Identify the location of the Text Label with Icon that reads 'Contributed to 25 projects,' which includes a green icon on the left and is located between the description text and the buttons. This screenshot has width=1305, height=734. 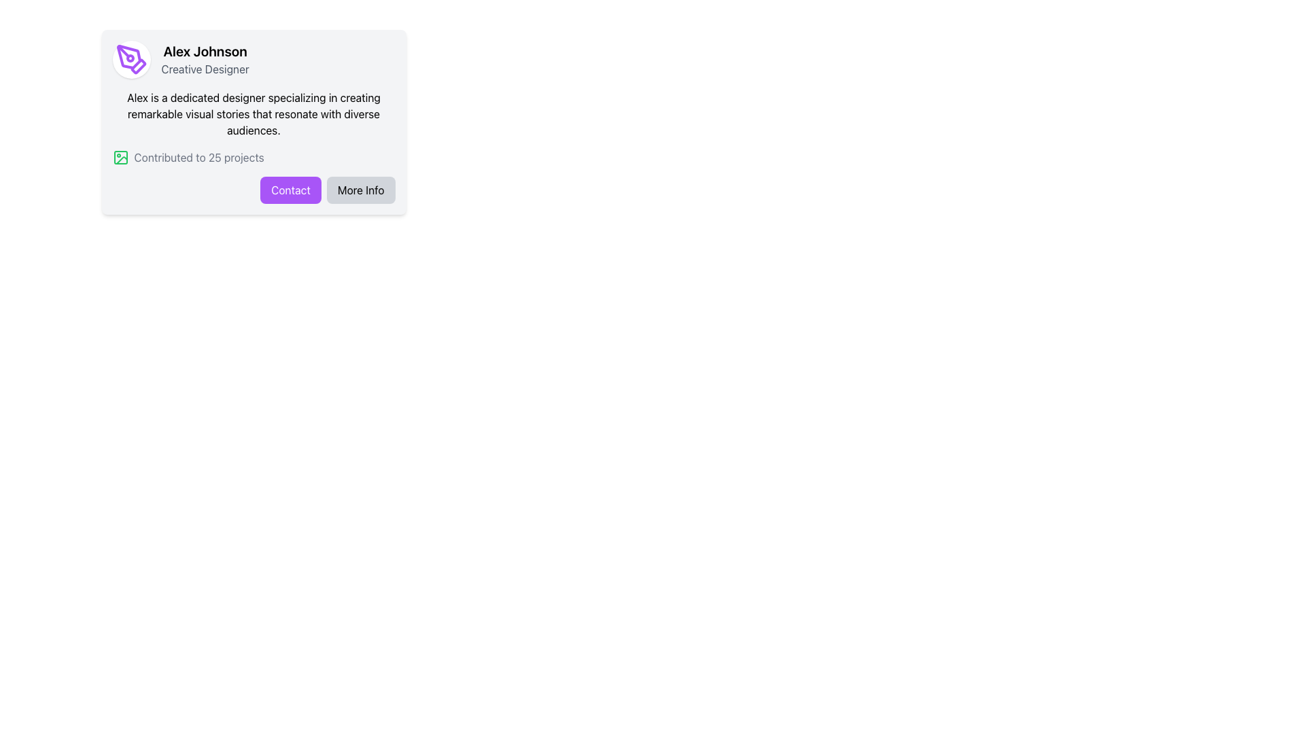
(254, 156).